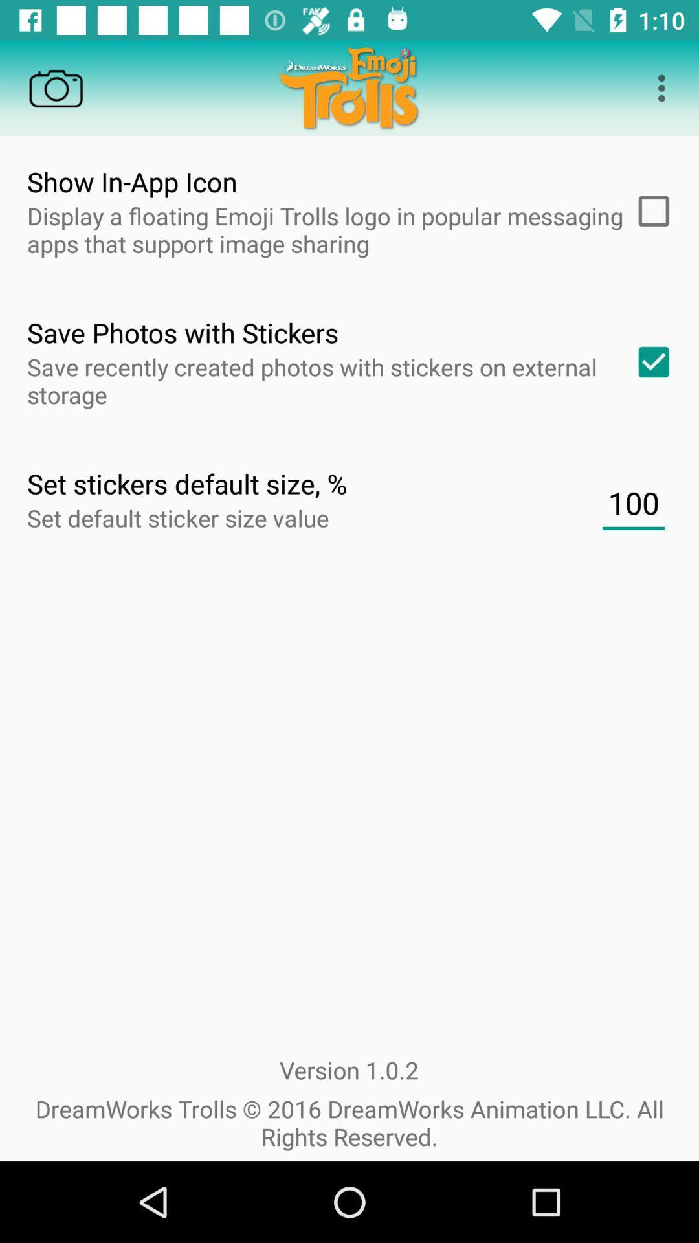 This screenshot has height=1243, width=699. Describe the element at coordinates (649, 362) in the screenshot. I see `the item next to save recently created icon` at that location.